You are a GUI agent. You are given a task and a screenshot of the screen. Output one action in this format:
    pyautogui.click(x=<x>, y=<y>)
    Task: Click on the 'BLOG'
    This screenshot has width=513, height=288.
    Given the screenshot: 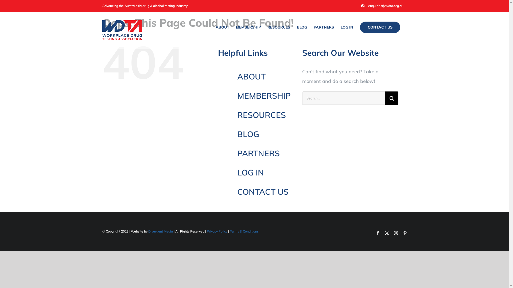 What is the action you would take?
    pyautogui.click(x=301, y=27)
    